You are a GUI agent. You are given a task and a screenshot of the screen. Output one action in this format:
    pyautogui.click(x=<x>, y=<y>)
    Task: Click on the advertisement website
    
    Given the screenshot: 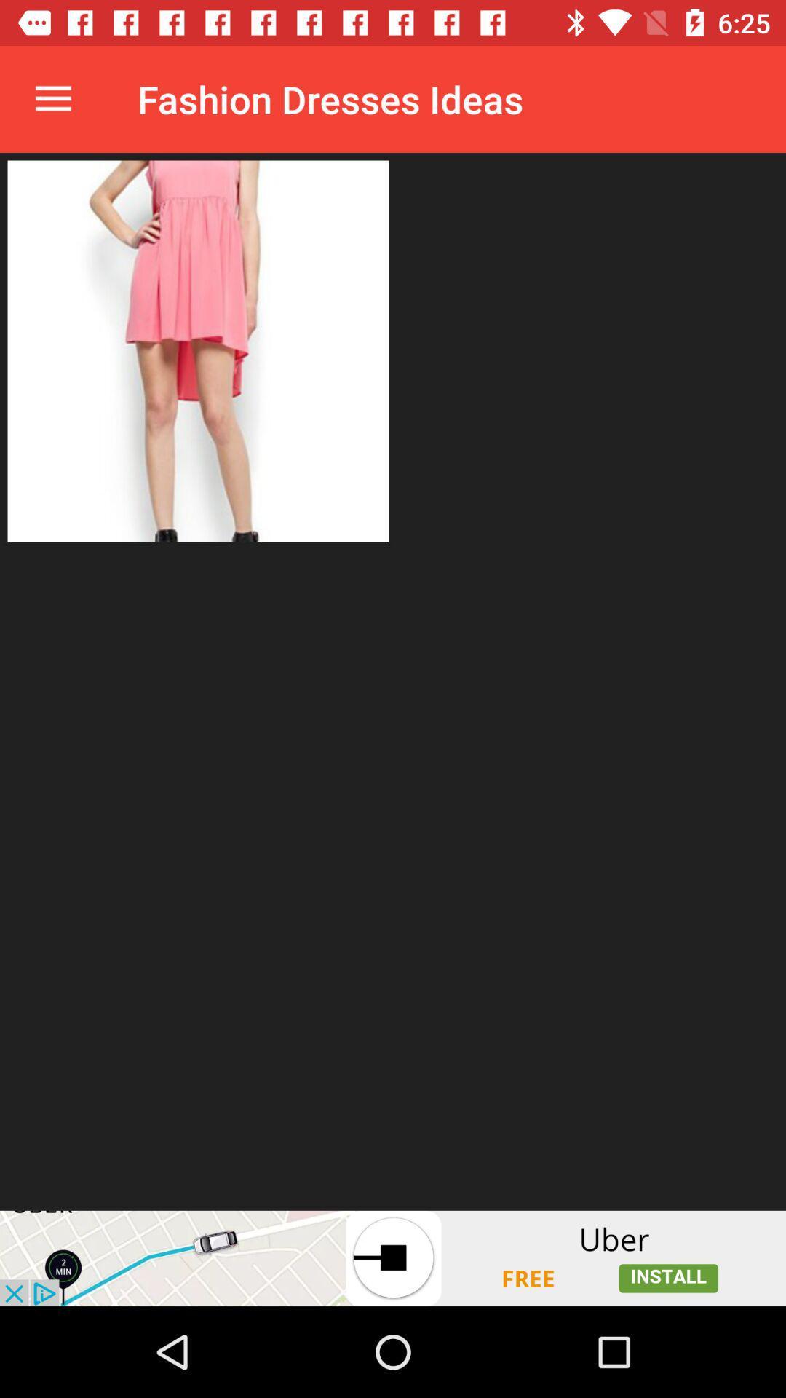 What is the action you would take?
    pyautogui.click(x=393, y=1257)
    